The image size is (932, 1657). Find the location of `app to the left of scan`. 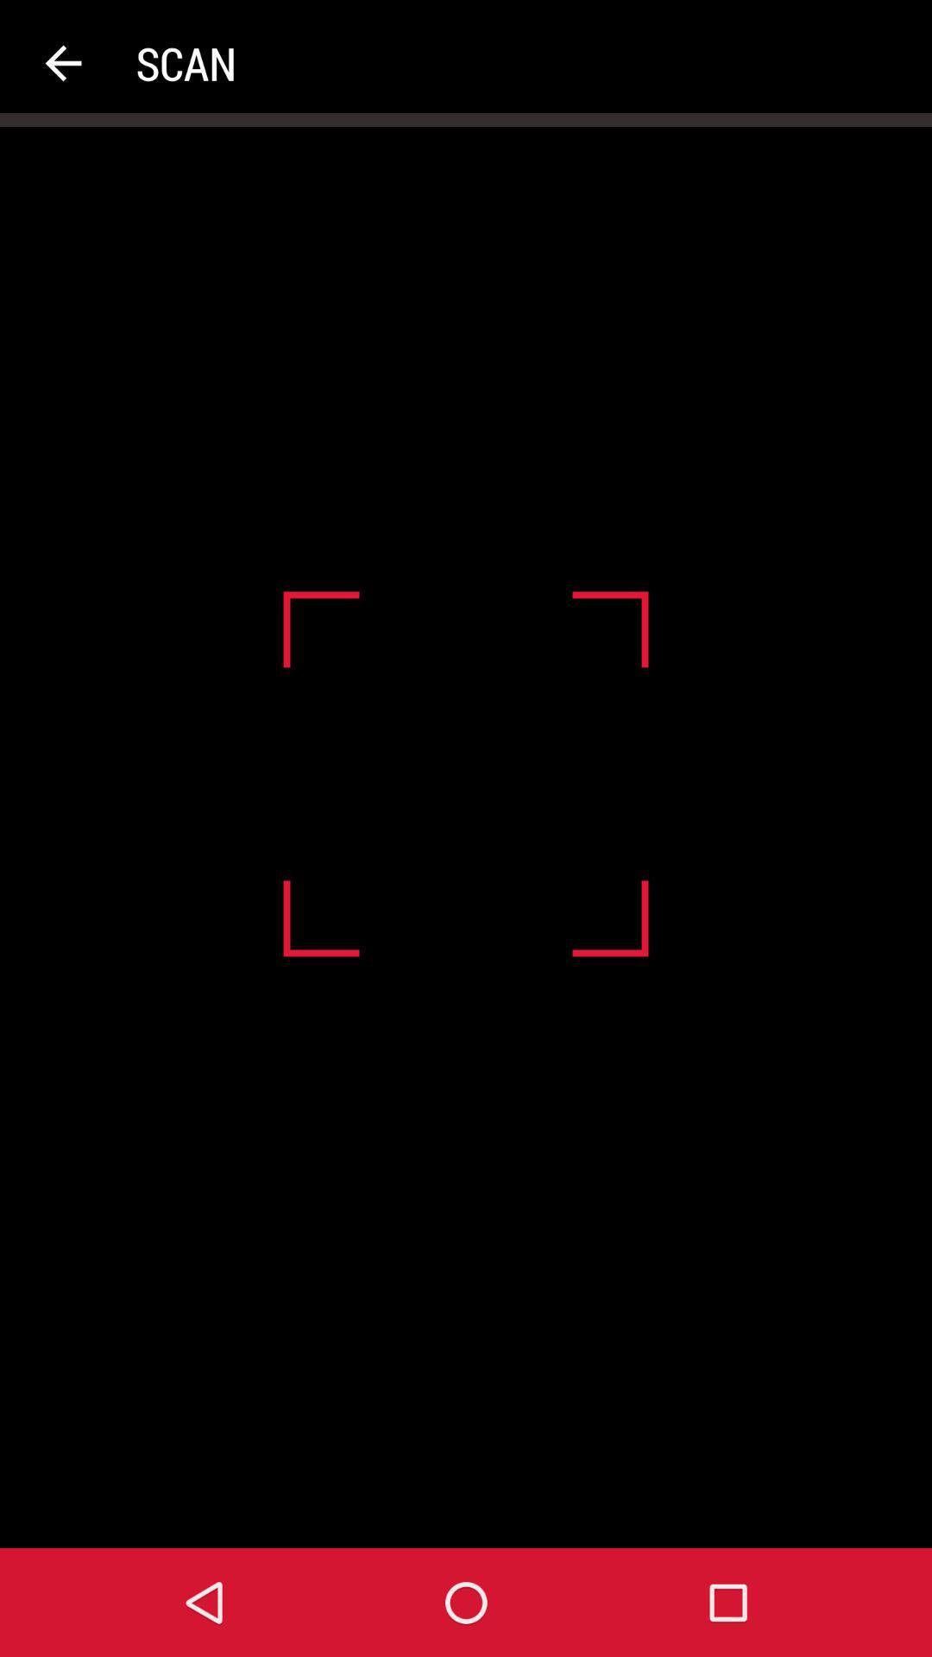

app to the left of scan is located at coordinates (62, 63).